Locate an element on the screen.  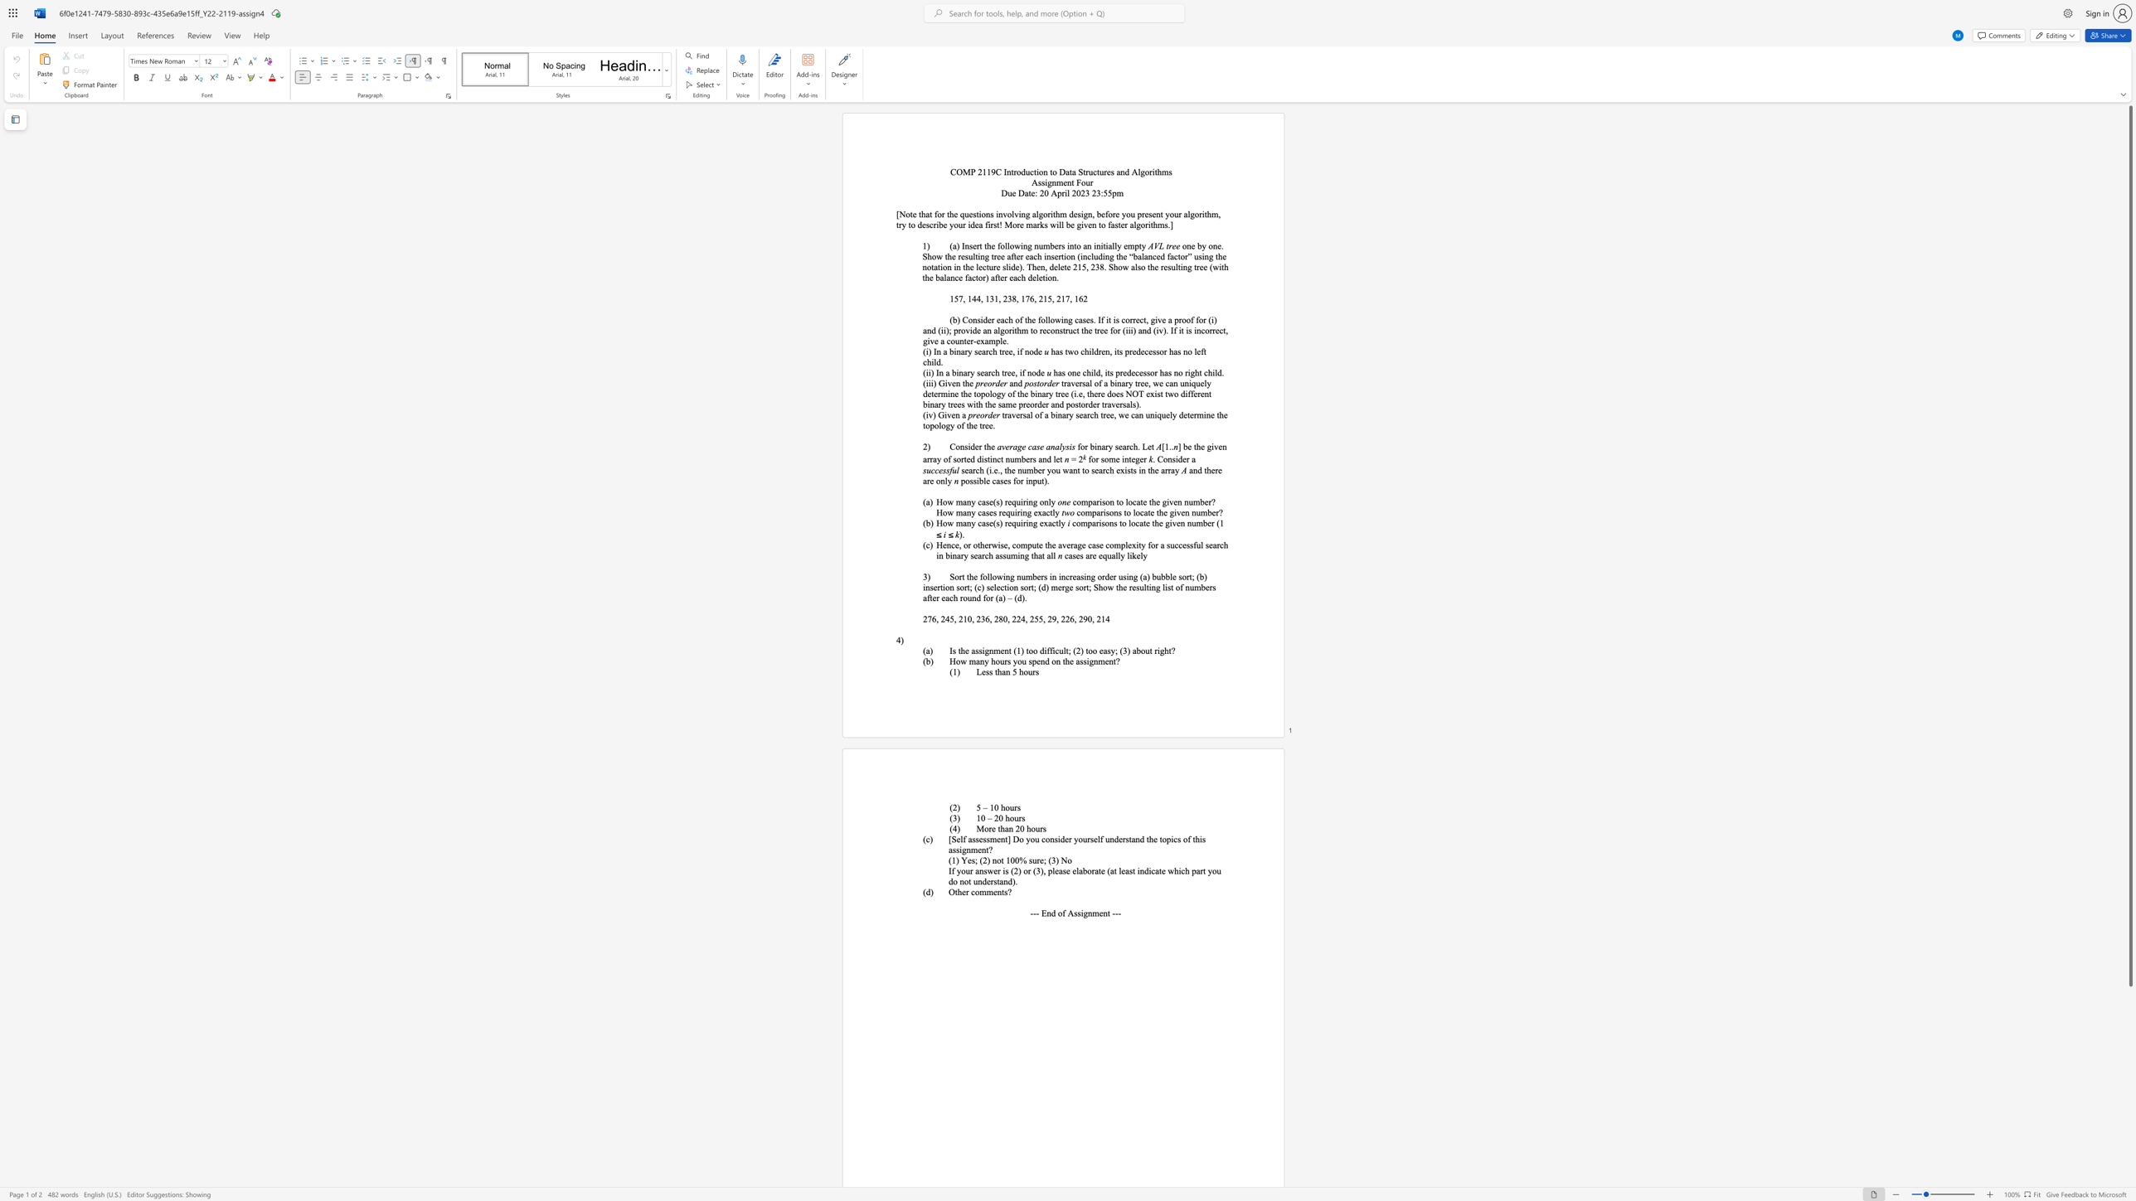
the 3th character "a" in the text is located at coordinates (1100, 470).